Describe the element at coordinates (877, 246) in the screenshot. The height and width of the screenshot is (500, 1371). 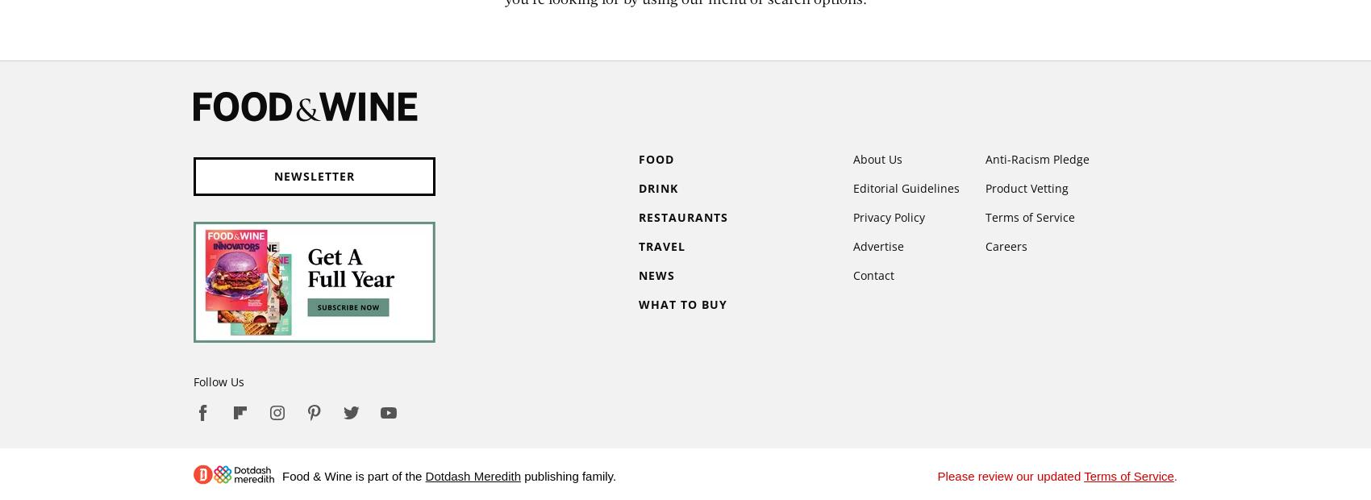
I see `'Advertise'` at that location.